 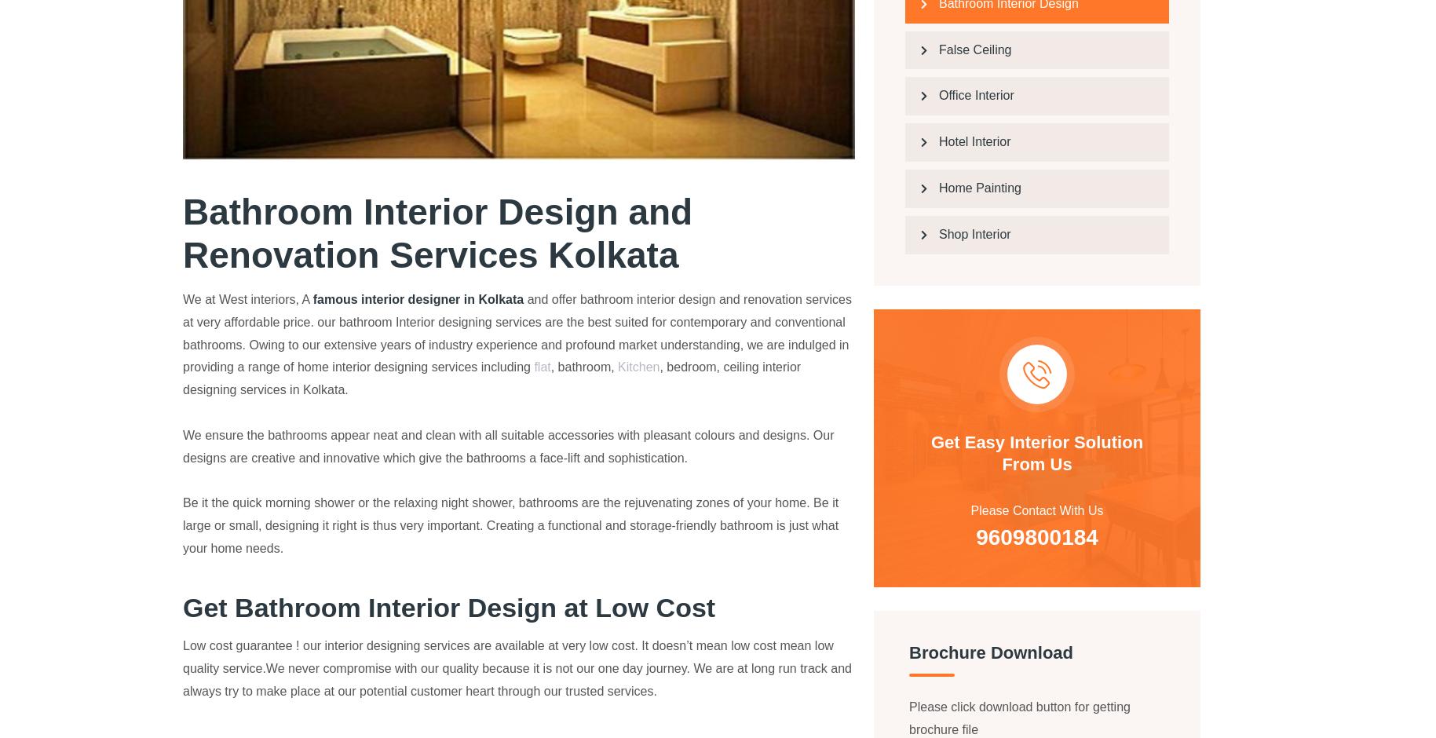 I want to click on 'Kitchen Interior Design', so click(x=787, y=609).